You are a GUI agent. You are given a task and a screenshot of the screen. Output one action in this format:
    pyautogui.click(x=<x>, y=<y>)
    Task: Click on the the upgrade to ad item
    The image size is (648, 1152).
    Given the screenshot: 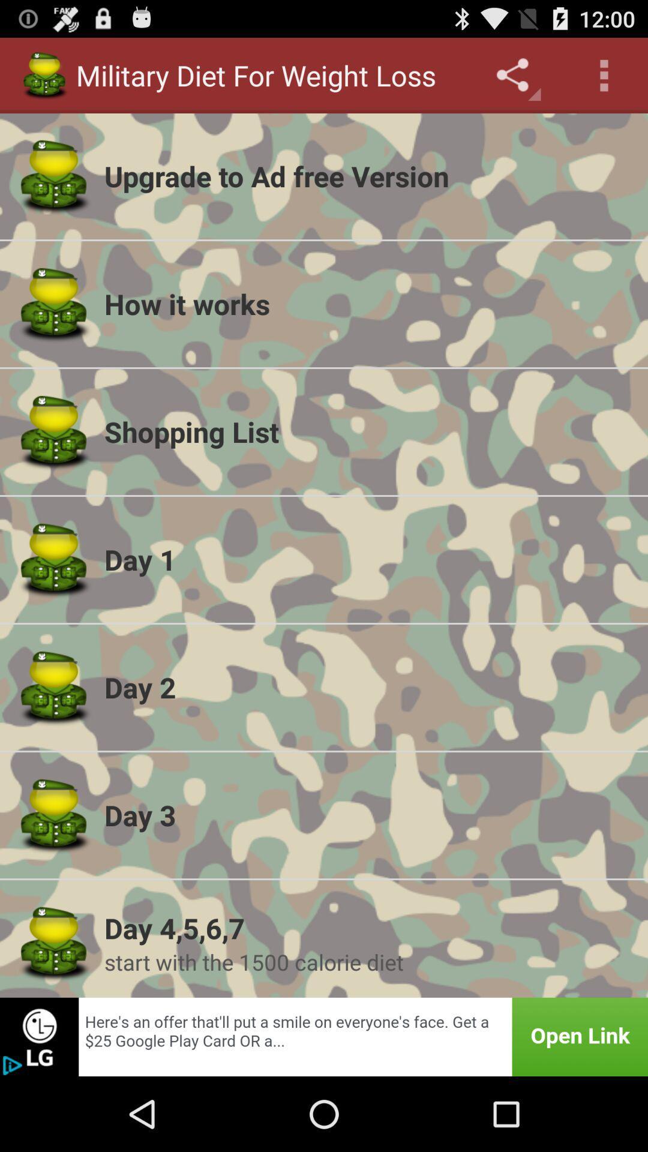 What is the action you would take?
    pyautogui.click(x=368, y=175)
    